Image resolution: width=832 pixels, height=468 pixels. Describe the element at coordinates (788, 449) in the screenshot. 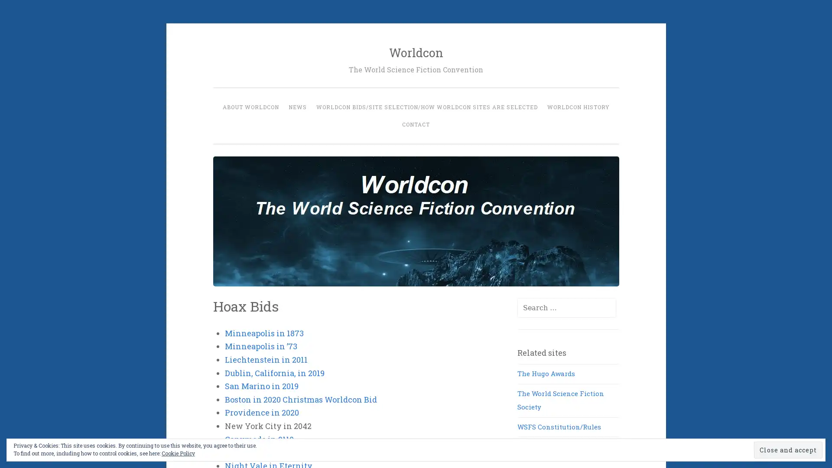

I see `Close and accept` at that location.